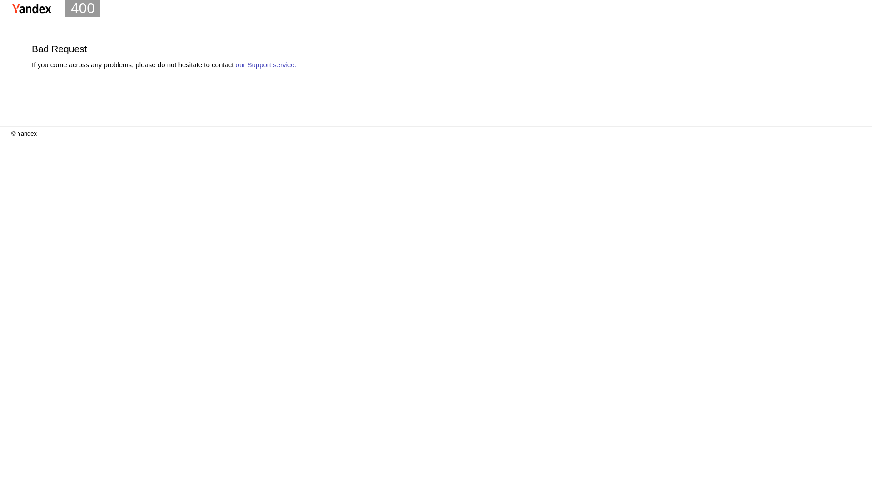 The height and width of the screenshot is (490, 872). What do you see at coordinates (265, 64) in the screenshot?
I see `'our Support service.'` at bounding box center [265, 64].